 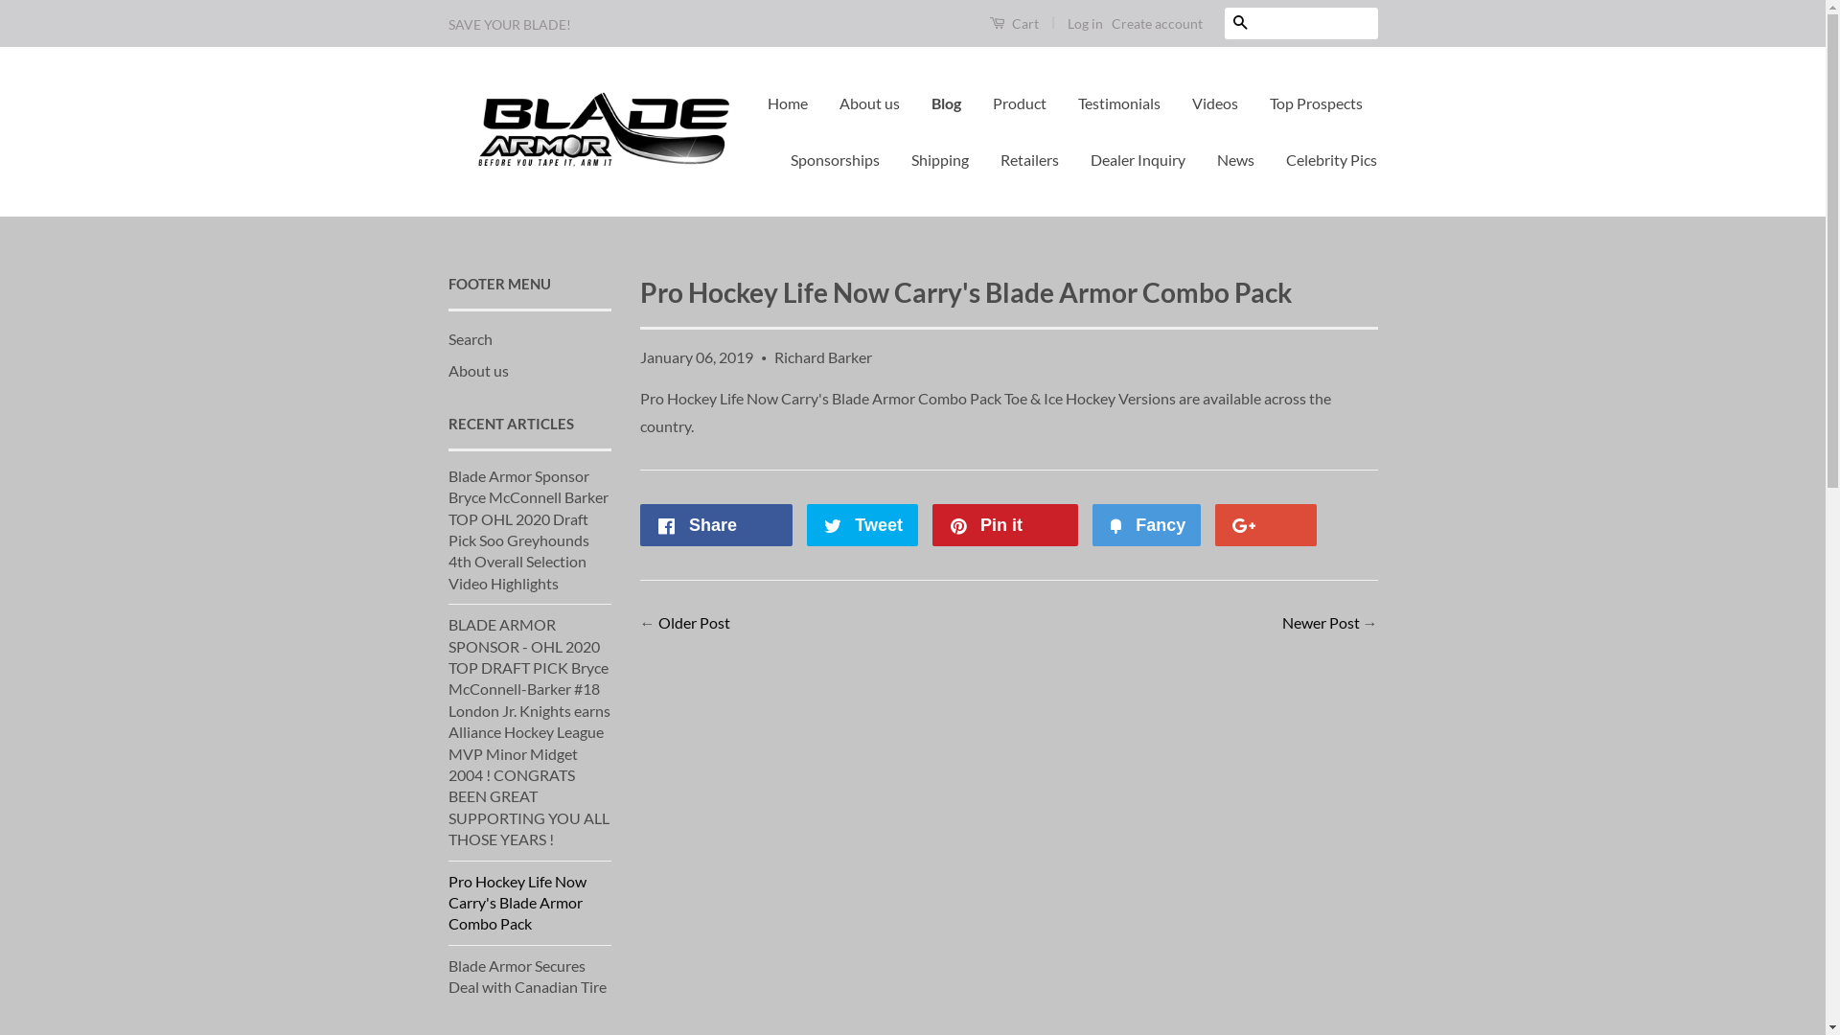 What do you see at coordinates (527, 976) in the screenshot?
I see `'Blade Armor Secures Deal with Canadian Tire'` at bounding box center [527, 976].